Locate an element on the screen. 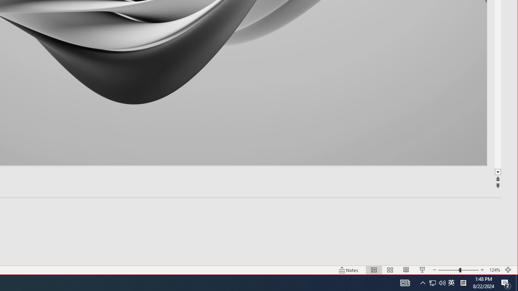 This screenshot has width=518, height=291. 'Notification Chevron' is located at coordinates (422, 282).